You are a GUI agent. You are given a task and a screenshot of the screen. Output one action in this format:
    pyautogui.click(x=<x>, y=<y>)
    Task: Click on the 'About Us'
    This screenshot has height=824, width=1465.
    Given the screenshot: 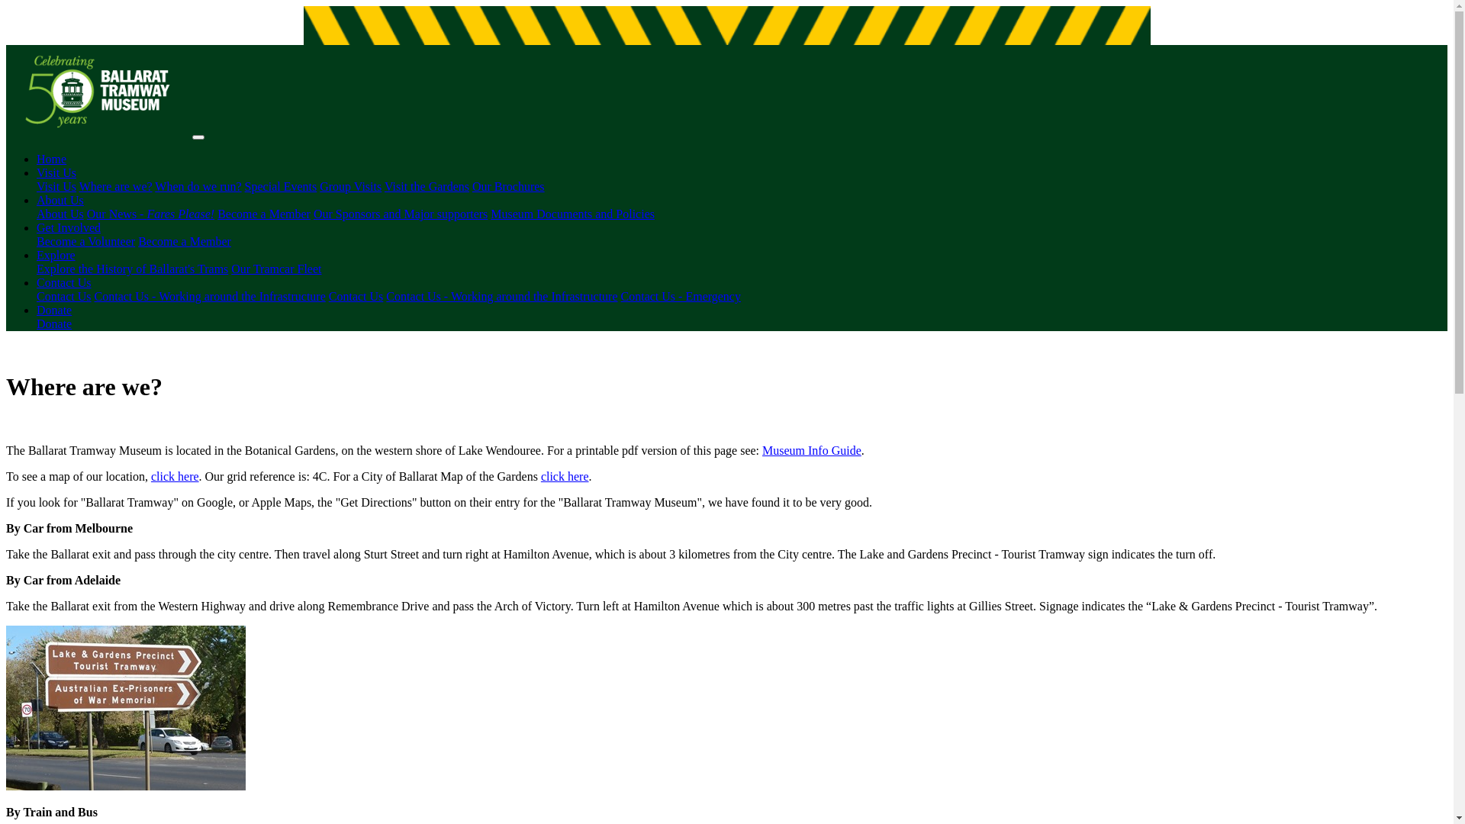 What is the action you would take?
    pyautogui.click(x=60, y=199)
    